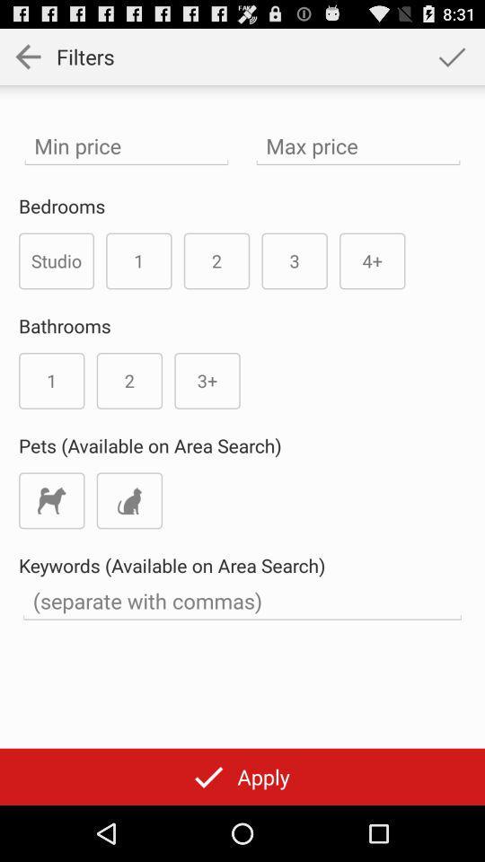  I want to click on cats, so click(128, 500).